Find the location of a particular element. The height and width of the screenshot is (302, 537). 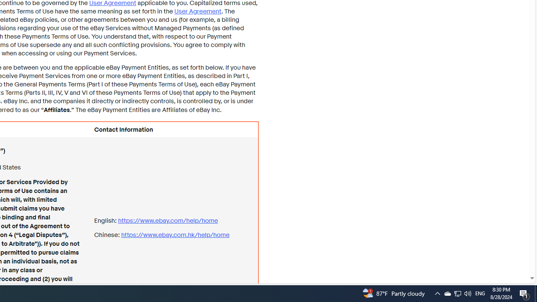

'https://www.ebay.com.hk/ help/home' is located at coordinates (175, 235).